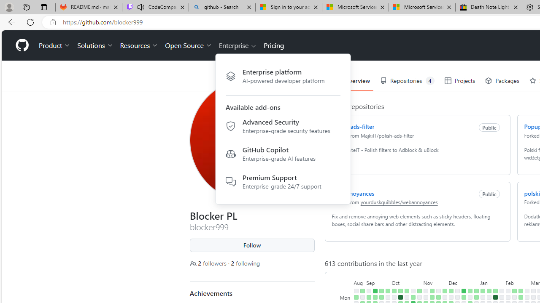 This screenshot has height=303, width=540. I want to click on 'Day of Week', so click(346, 282).